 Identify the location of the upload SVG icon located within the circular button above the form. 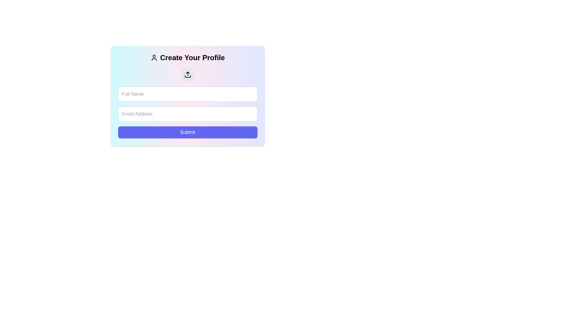
(187, 74).